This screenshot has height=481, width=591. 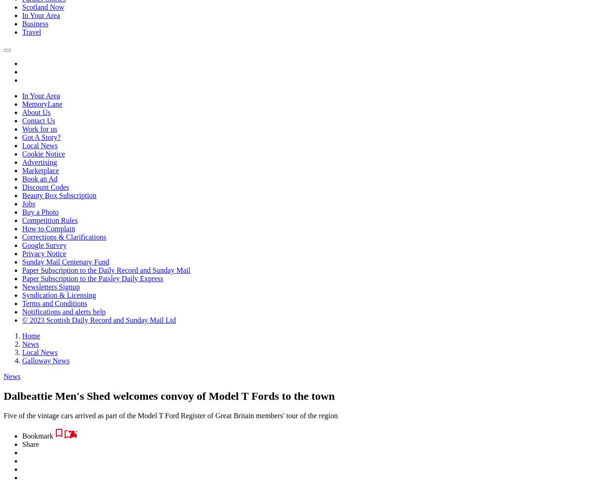 I want to click on 'Book an Ad', so click(x=39, y=178).